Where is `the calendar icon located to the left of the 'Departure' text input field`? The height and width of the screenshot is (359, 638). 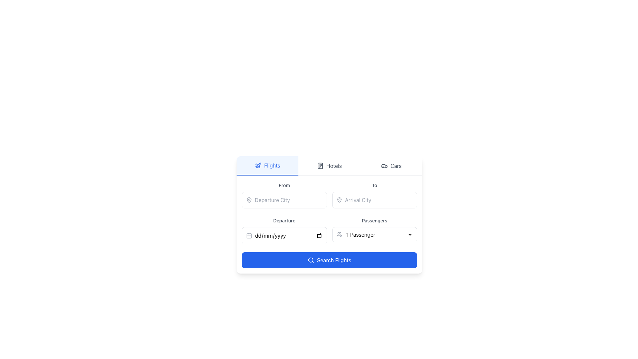
the calendar icon located to the left of the 'Departure' text input field is located at coordinates (249, 235).